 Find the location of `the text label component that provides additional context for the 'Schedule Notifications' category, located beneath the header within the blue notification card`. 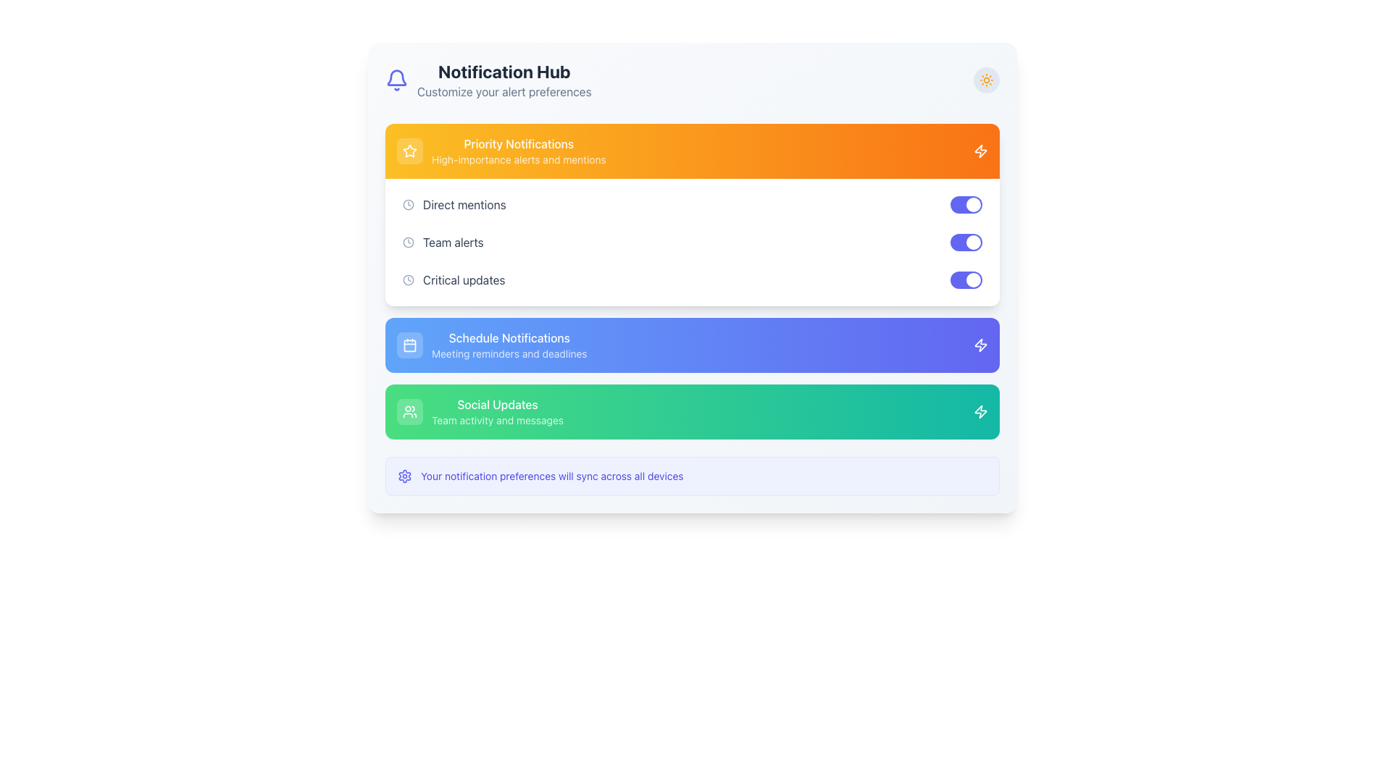

the text label component that provides additional context for the 'Schedule Notifications' category, located beneath the header within the blue notification card is located at coordinates (509, 354).